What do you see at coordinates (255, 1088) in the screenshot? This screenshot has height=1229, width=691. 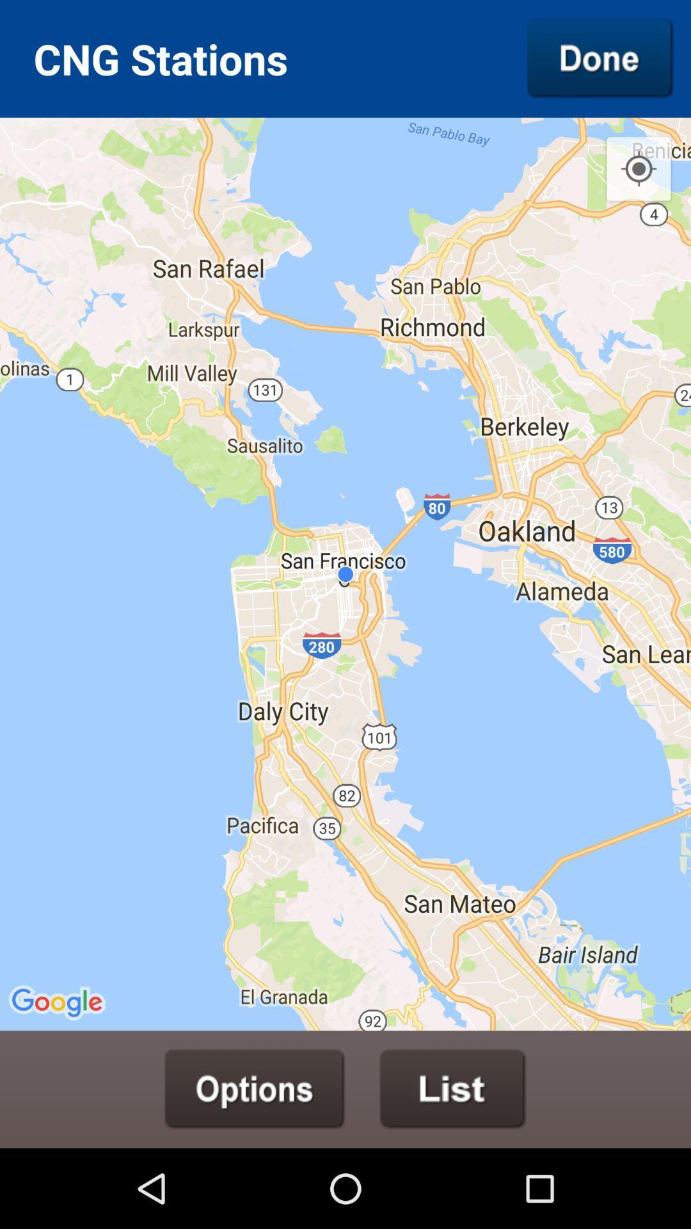 I see `explore options` at bounding box center [255, 1088].